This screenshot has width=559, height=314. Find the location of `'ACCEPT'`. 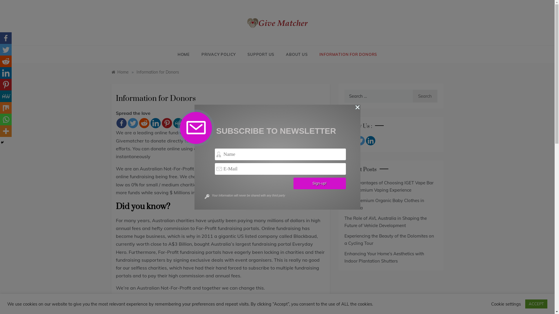

'ACCEPT' is located at coordinates (536, 304).